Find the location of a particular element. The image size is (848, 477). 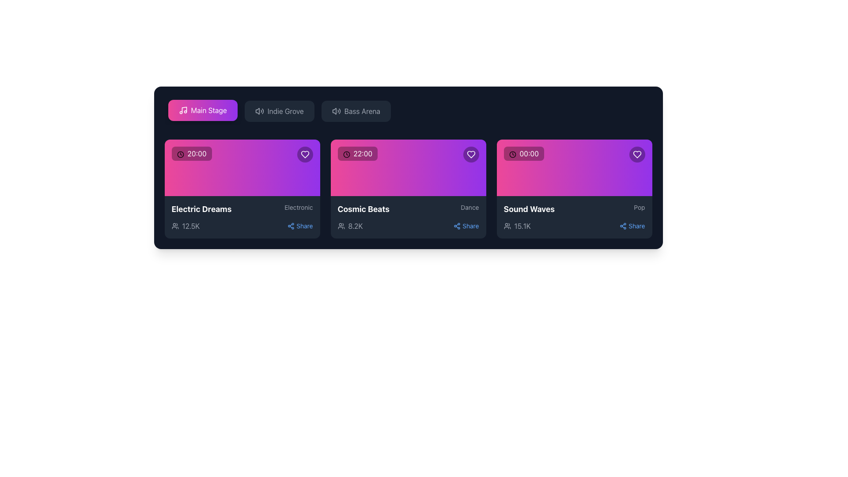

the decorative shape within the music-related SVG icon, which is centrally located and slightly tilted, positioned to the right of a circular shape is located at coordinates (184, 109).